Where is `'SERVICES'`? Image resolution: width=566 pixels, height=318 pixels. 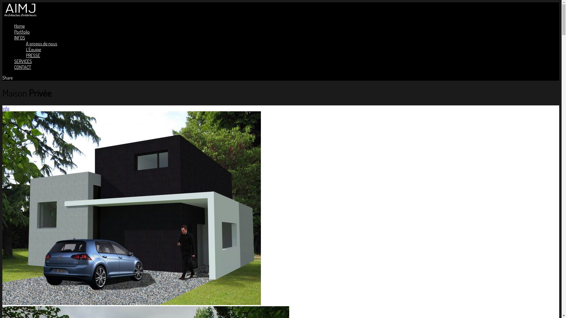 'SERVICES' is located at coordinates (23, 61).